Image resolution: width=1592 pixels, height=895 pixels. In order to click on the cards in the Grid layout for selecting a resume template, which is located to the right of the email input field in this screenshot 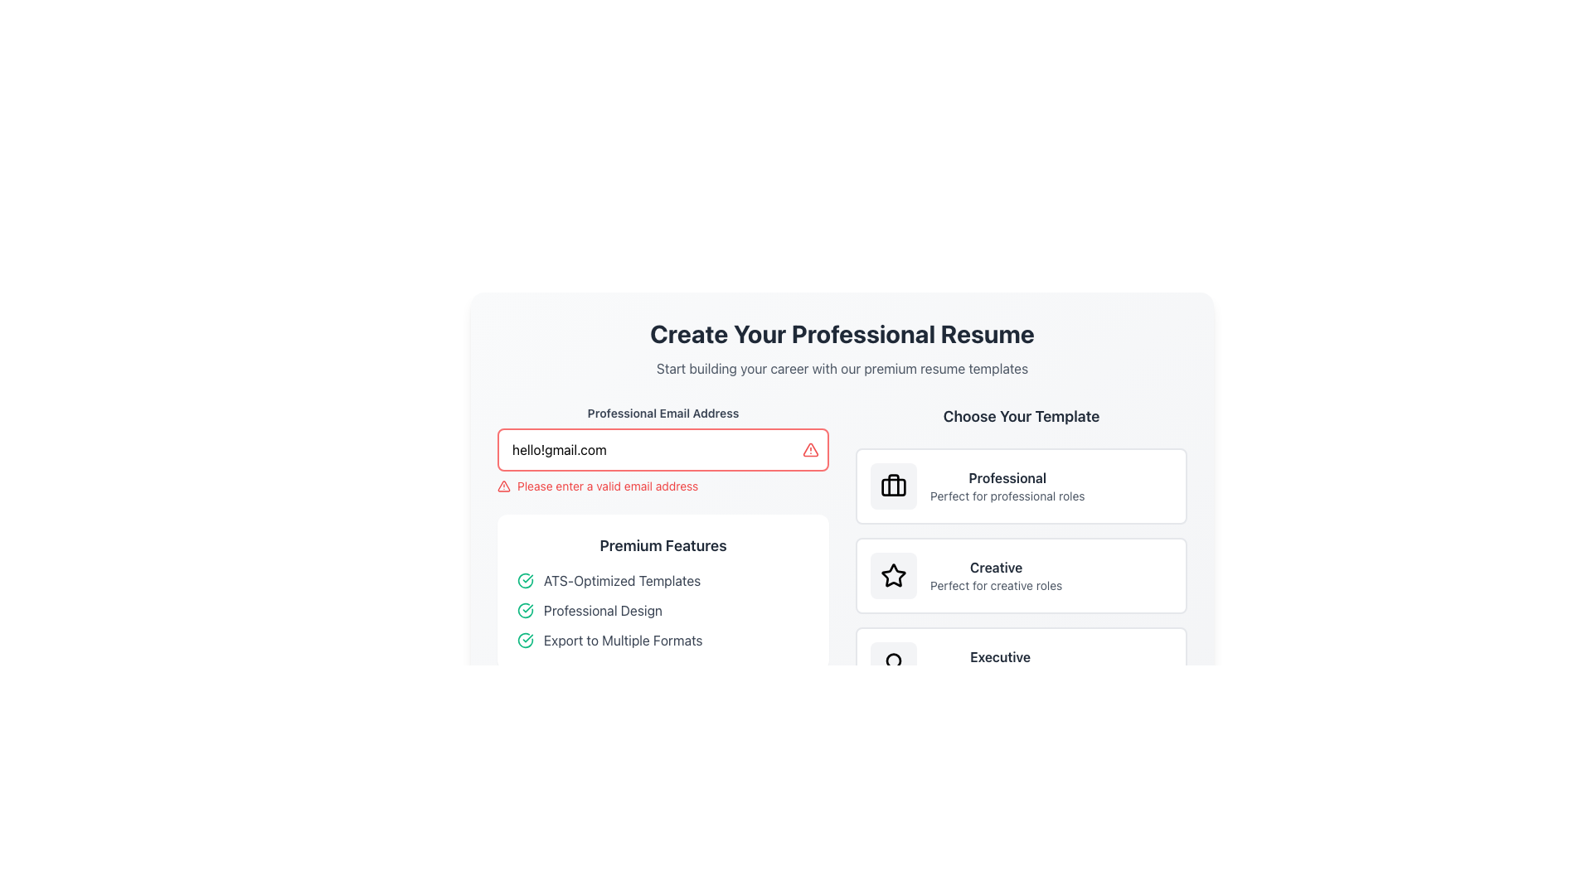, I will do `click(842, 554)`.